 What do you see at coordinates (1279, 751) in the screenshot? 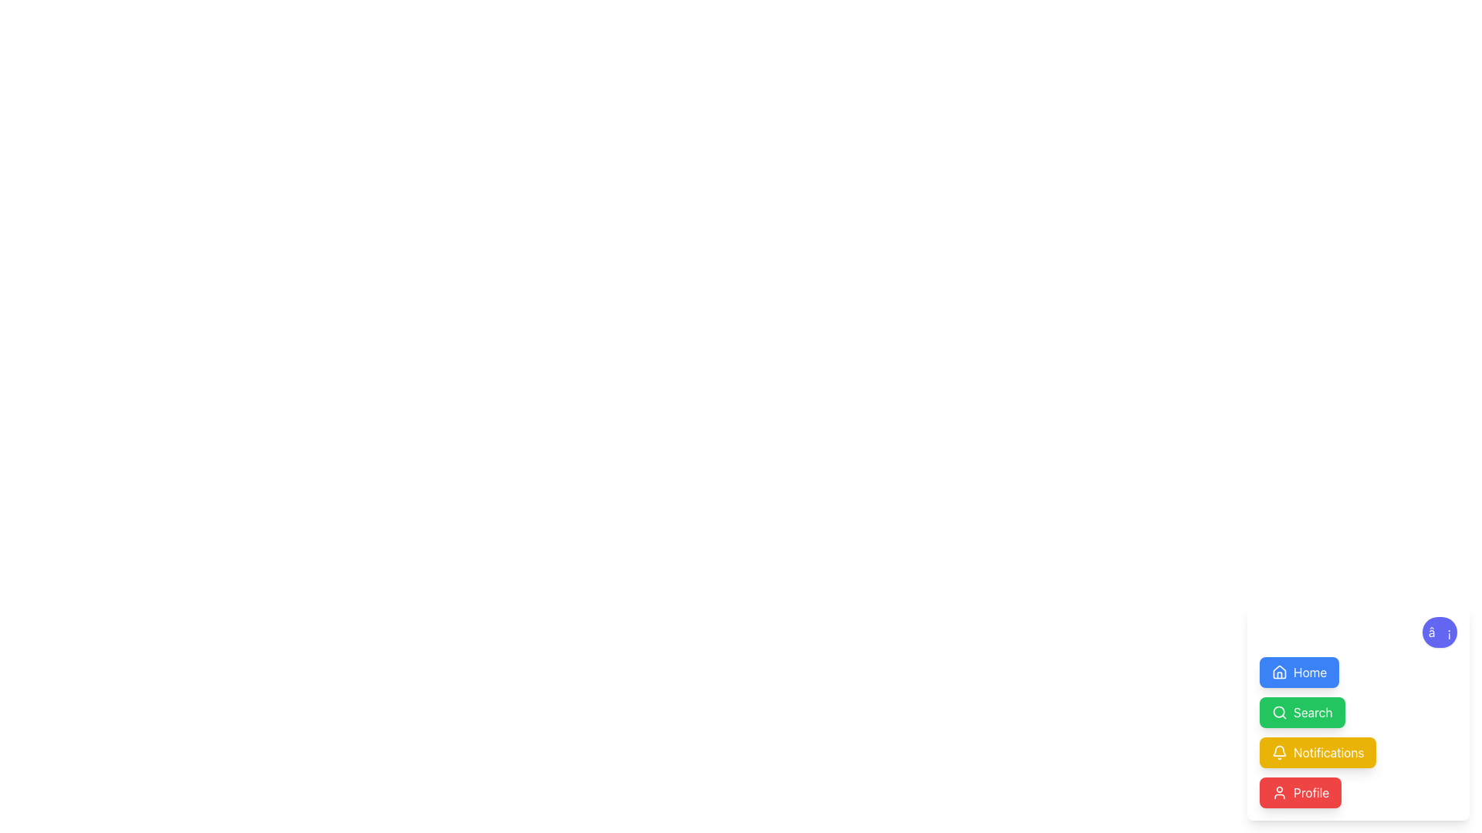
I see `the bell-shaped notification icon located within the 'Notifications' button on the left side of its text label` at bounding box center [1279, 751].